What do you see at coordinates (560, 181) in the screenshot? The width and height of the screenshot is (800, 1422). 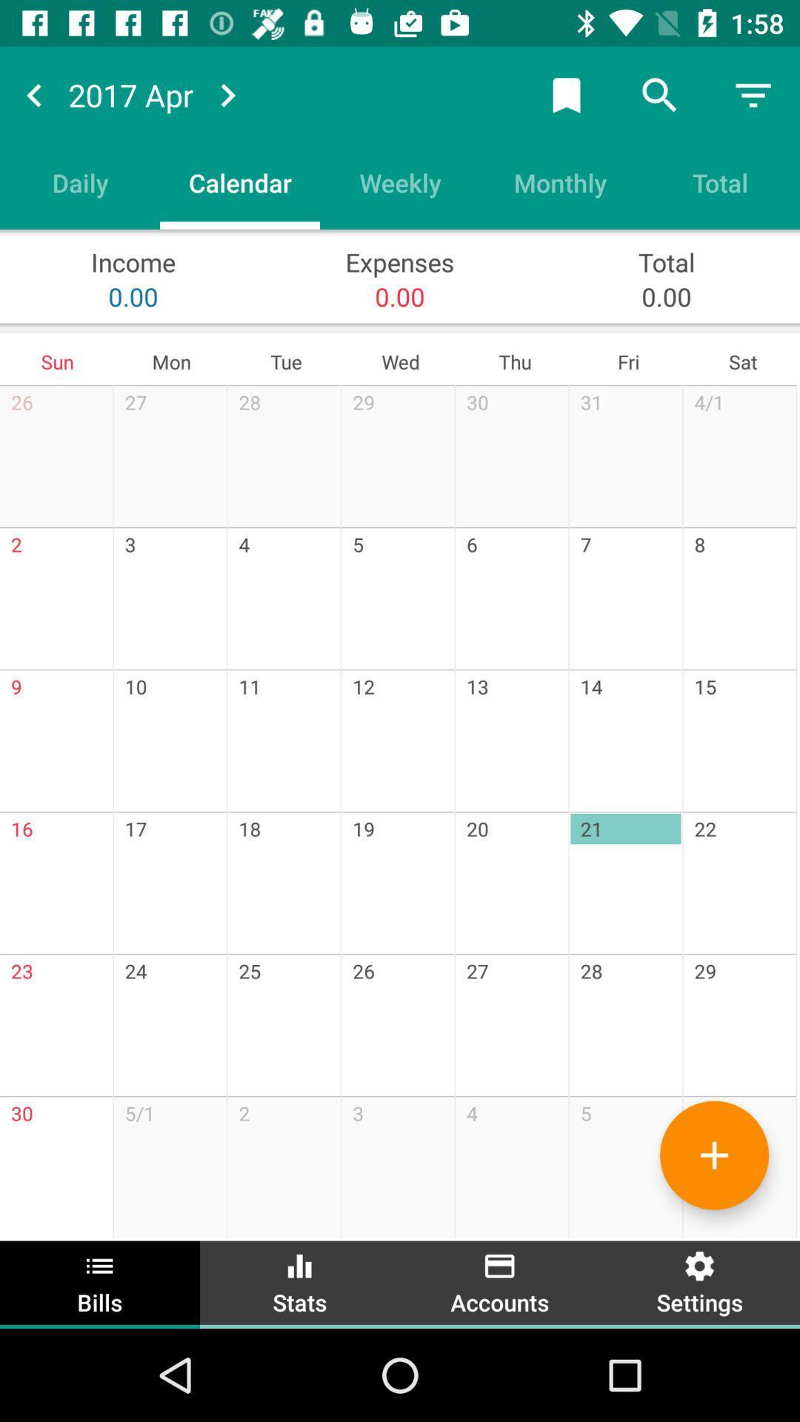 I see `the item to the right of the weekly item` at bounding box center [560, 181].